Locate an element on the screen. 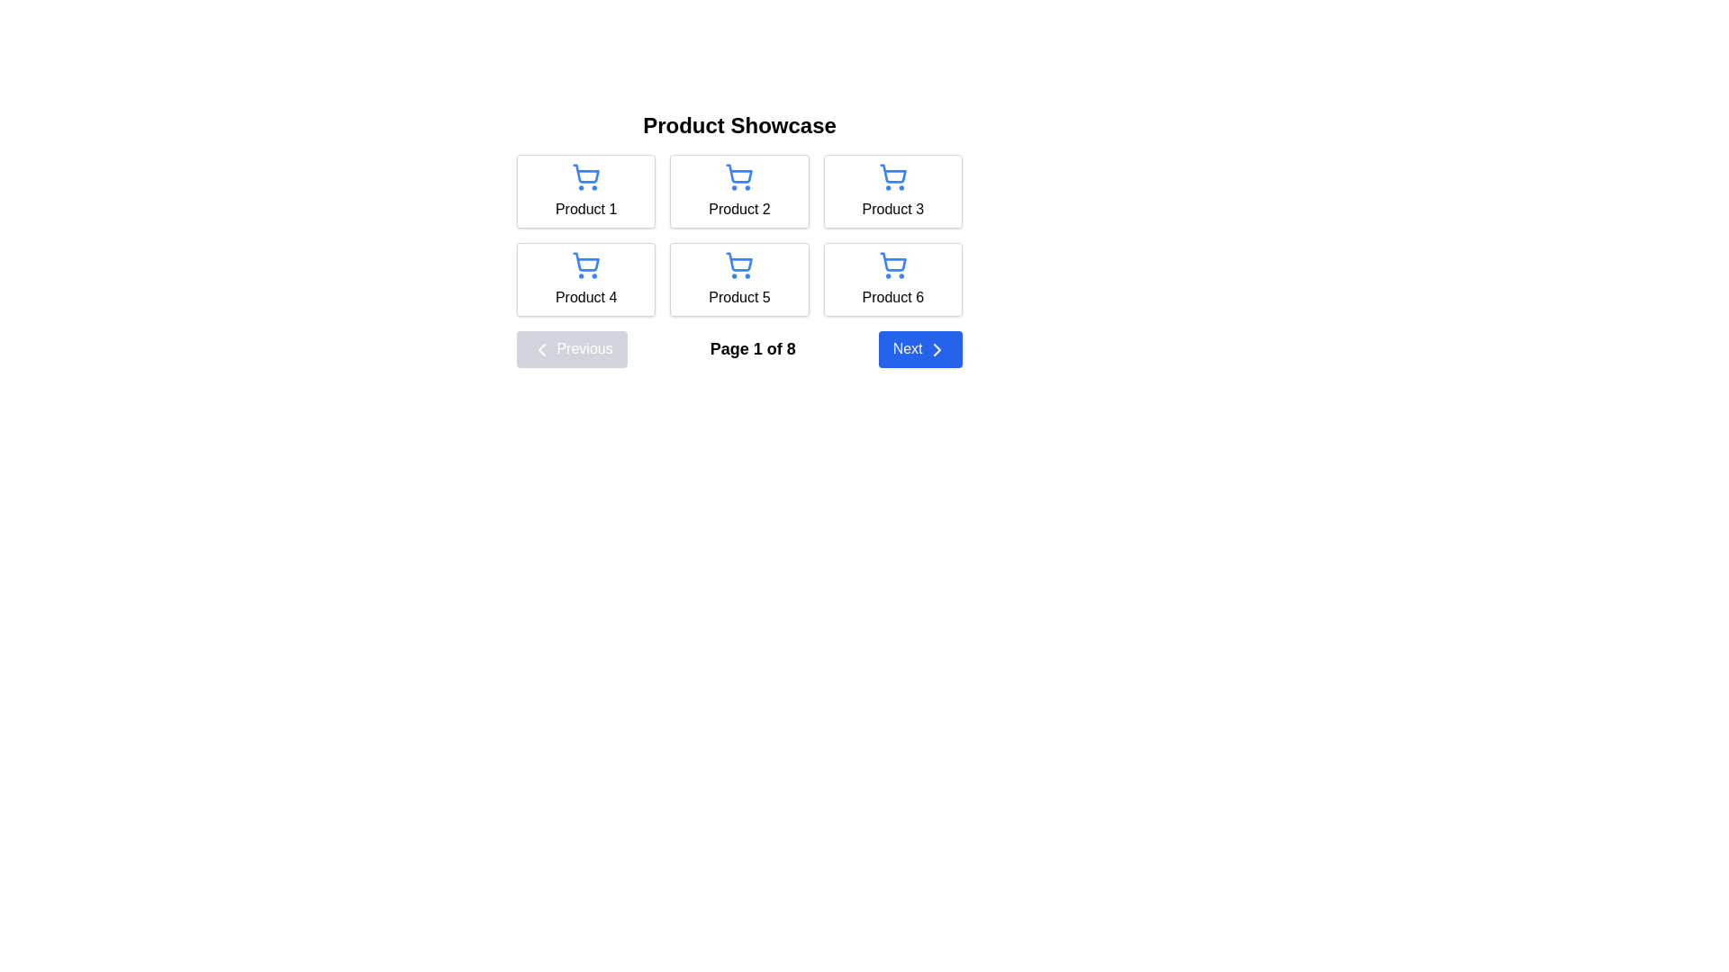 Image resolution: width=1729 pixels, height=972 pixels. the shopping cart icon located in the block labeled 'Product 4', which is the central feature of the second block in the first column is located at coordinates (586, 262).